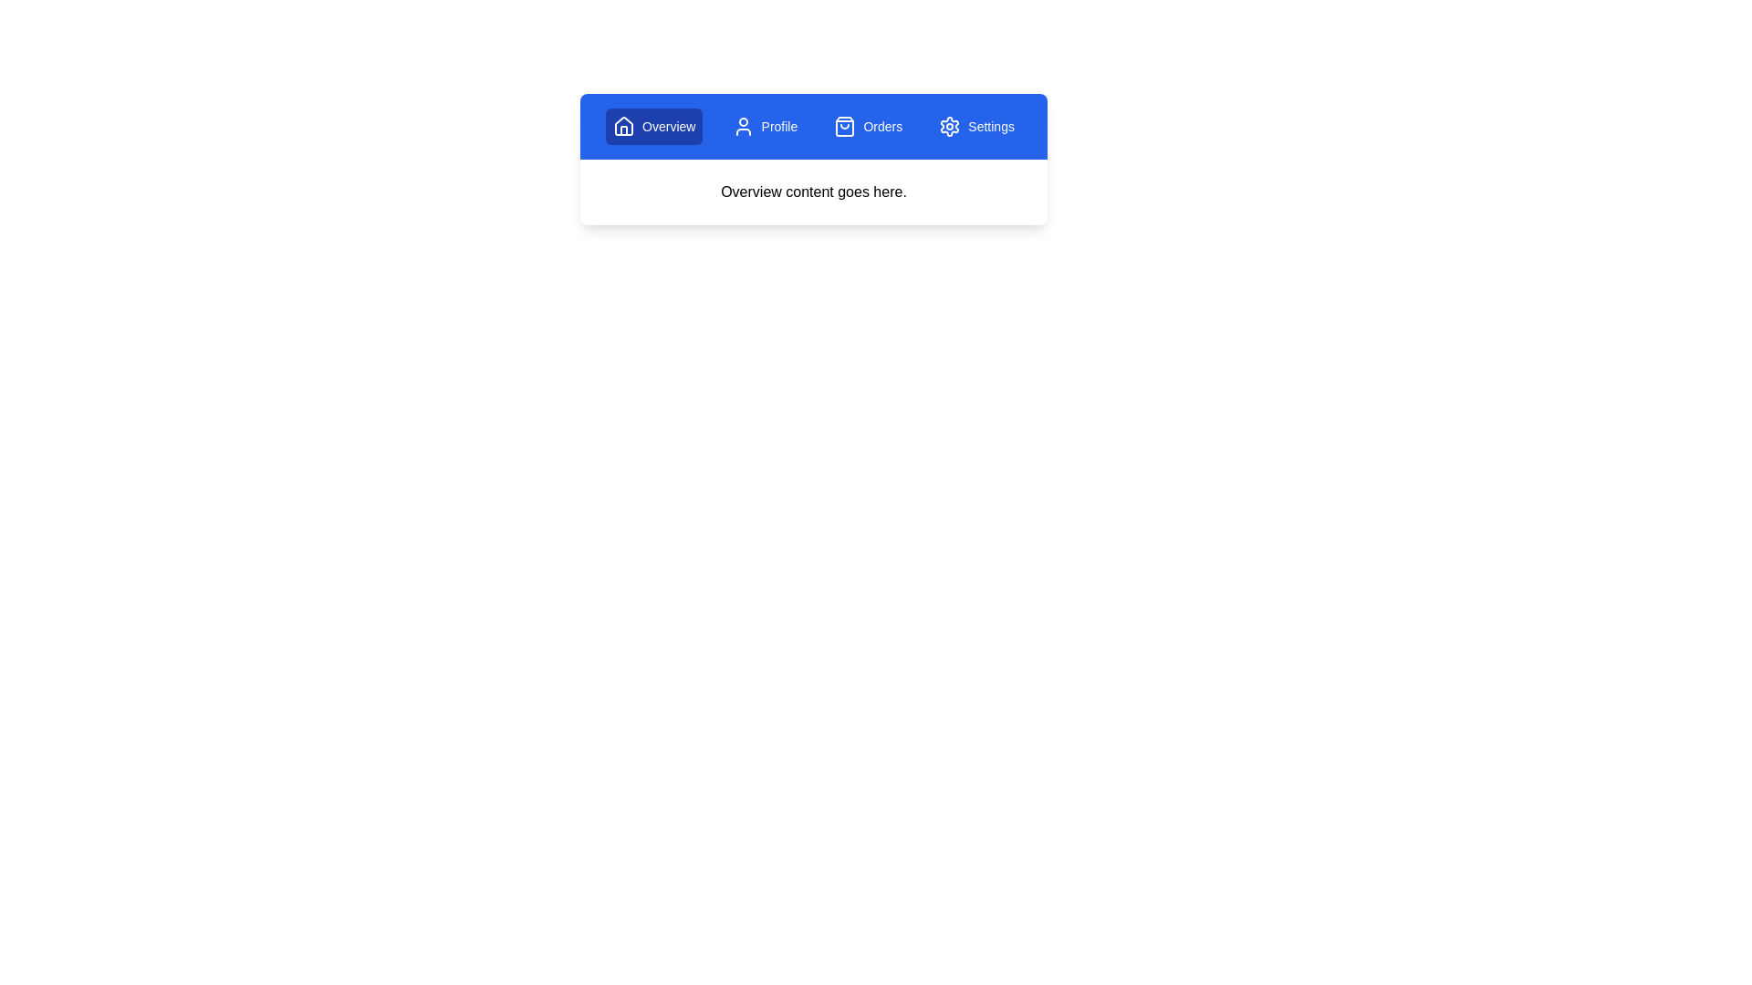 The width and height of the screenshot is (1752, 985). What do you see at coordinates (990, 125) in the screenshot?
I see `the 'Settings' text label in the navigation bar, which is styled in medium-weight font and positioned to the right of a gear icon` at bounding box center [990, 125].